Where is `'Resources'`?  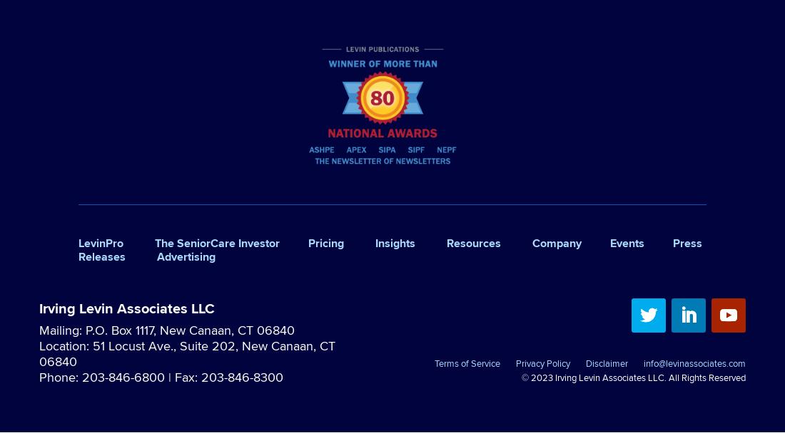 'Resources' is located at coordinates (473, 242).